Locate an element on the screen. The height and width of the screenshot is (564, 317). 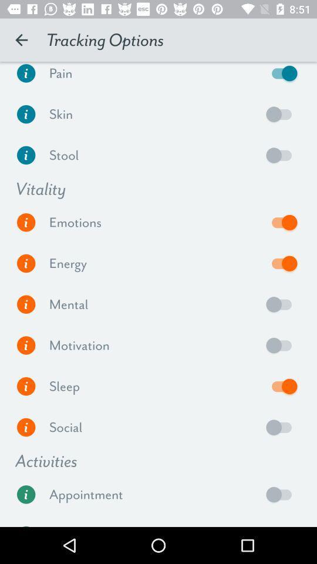
emotions is located at coordinates (281, 221).